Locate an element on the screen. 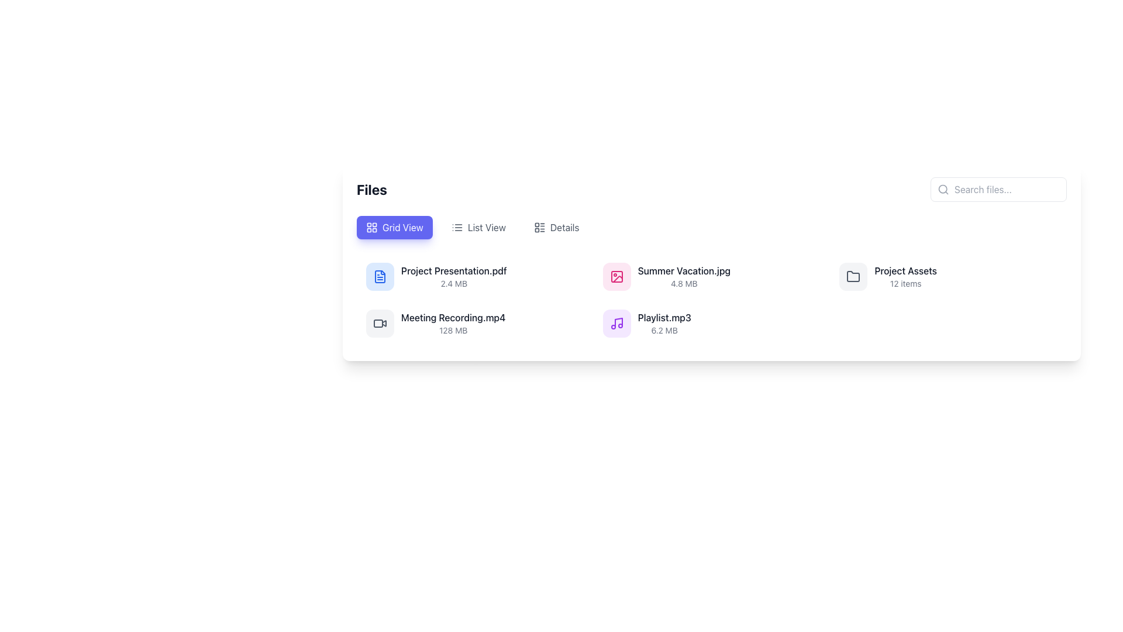 Image resolution: width=1123 pixels, height=632 pixels. text of the label that provides information about the video file named 'Meeting Recording.mp4' located in the second column of the file grid interface under the 'Files' section is located at coordinates (453, 323).